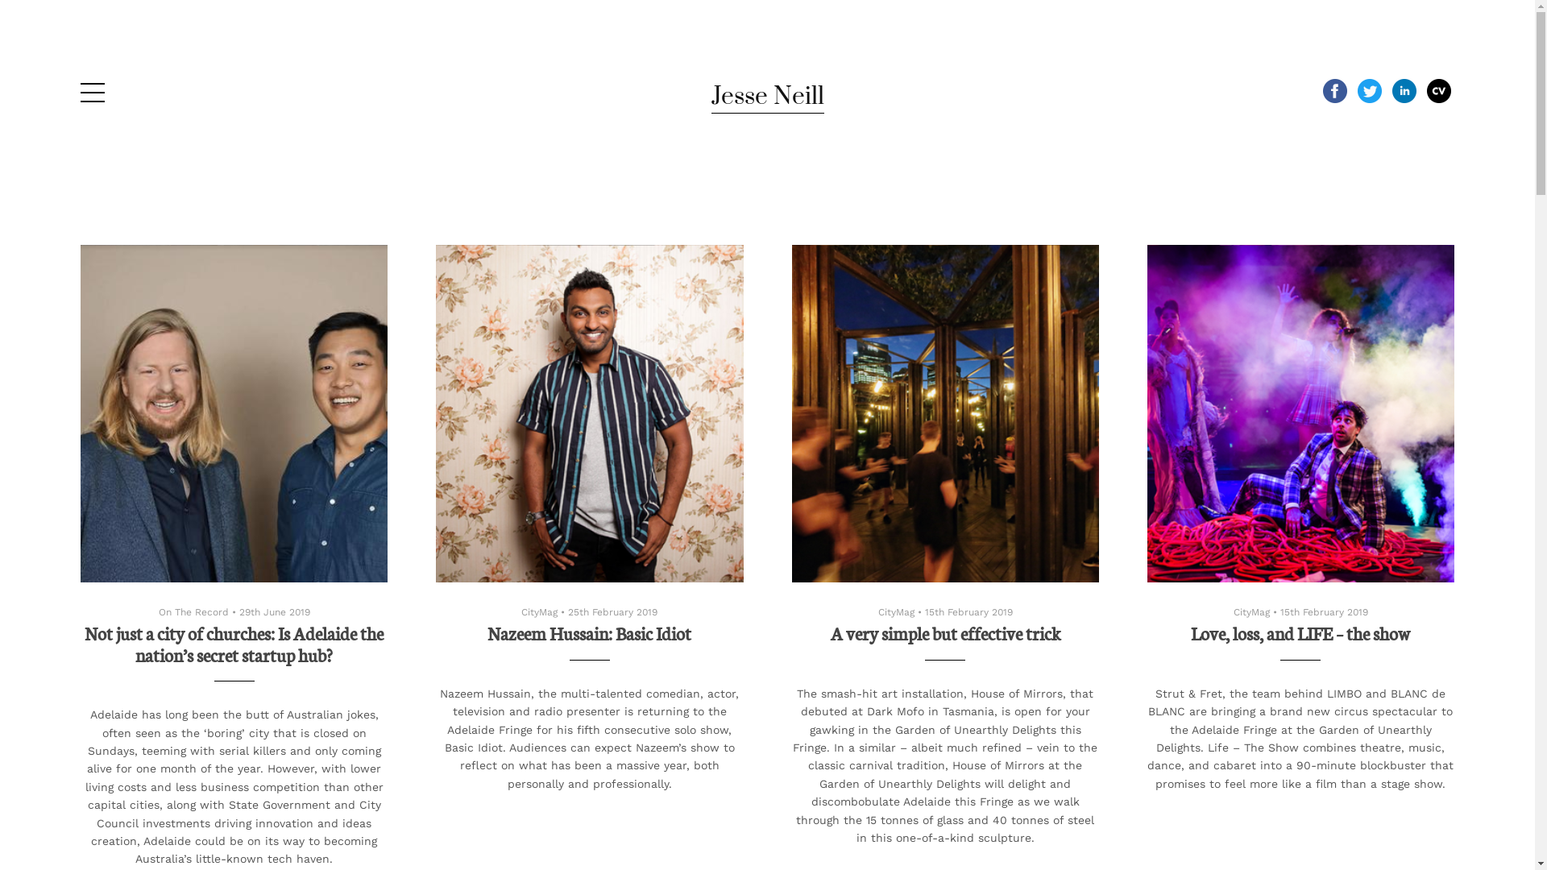 The height and width of the screenshot is (870, 1547). What do you see at coordinates (710, 96) in the screenshot?
I see `'Jesse Neill'` at bounding box center [710, 96].